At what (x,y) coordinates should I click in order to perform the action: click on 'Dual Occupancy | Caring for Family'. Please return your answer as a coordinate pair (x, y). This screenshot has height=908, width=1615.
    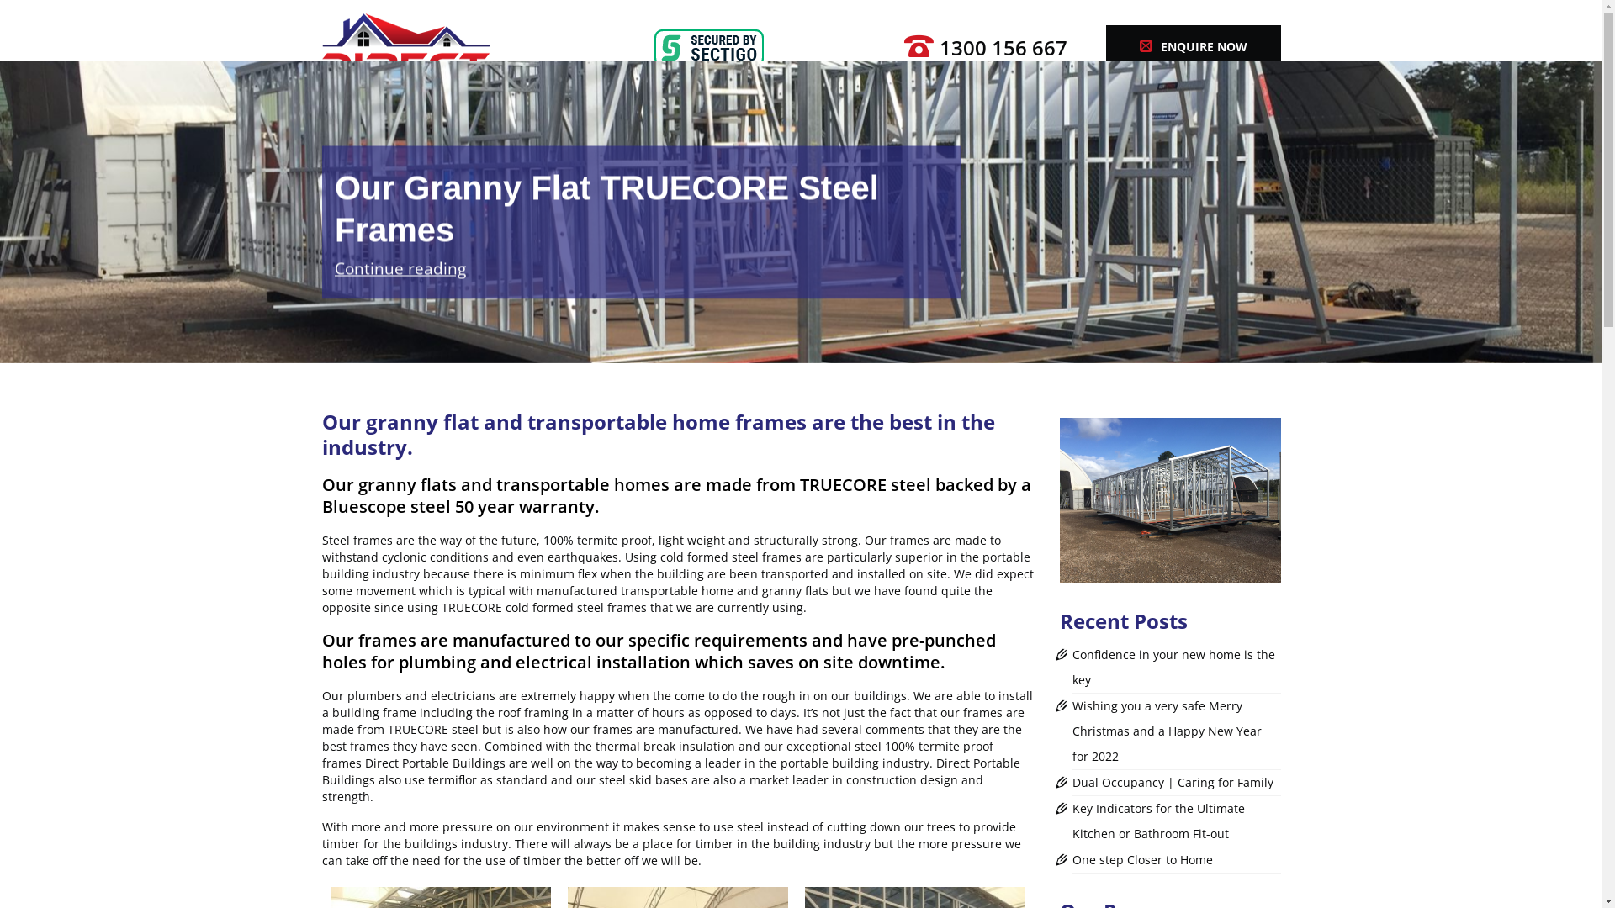
    Looking at the image, I should click on (1172, 782).